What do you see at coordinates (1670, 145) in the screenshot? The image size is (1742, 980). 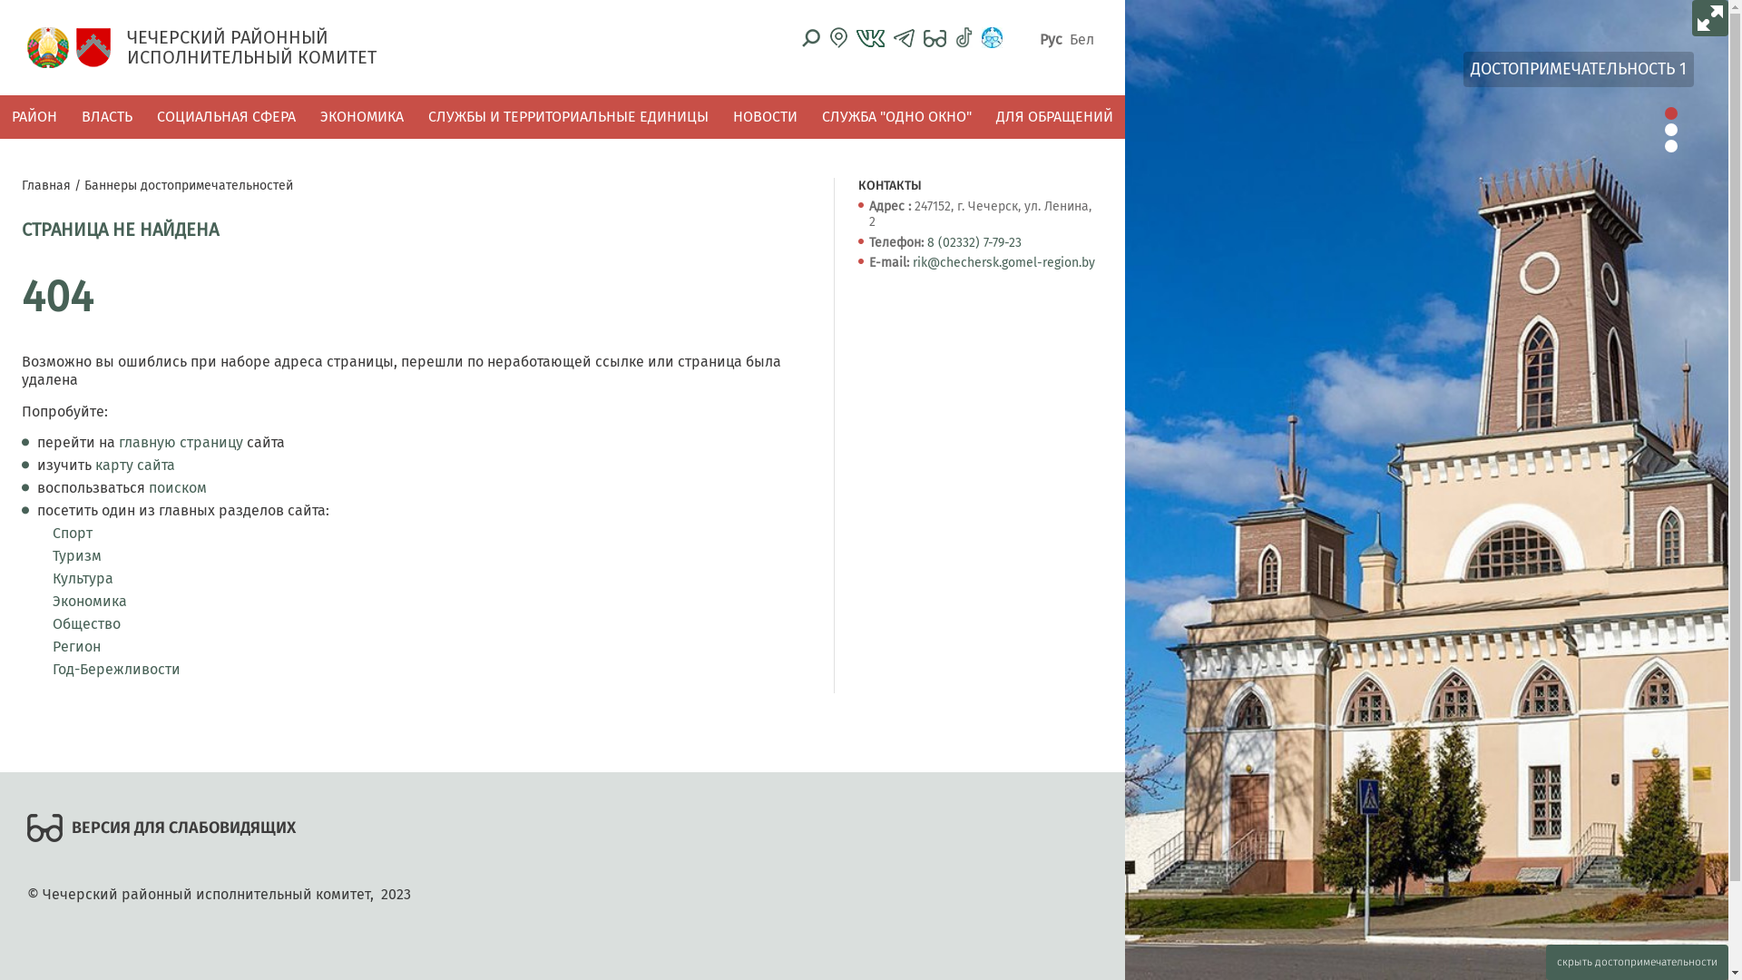 I see `'3'` at bounding box center [1670, 145].